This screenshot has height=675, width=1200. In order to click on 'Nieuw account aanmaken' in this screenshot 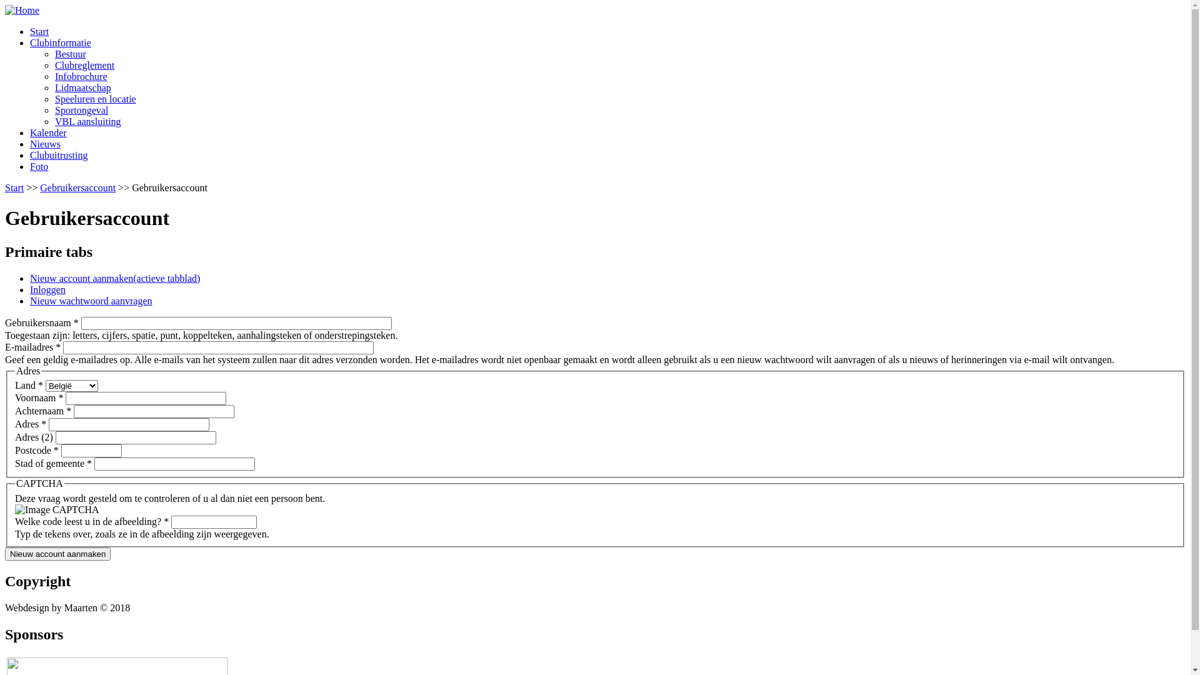, I will do `click(57, 553)`.